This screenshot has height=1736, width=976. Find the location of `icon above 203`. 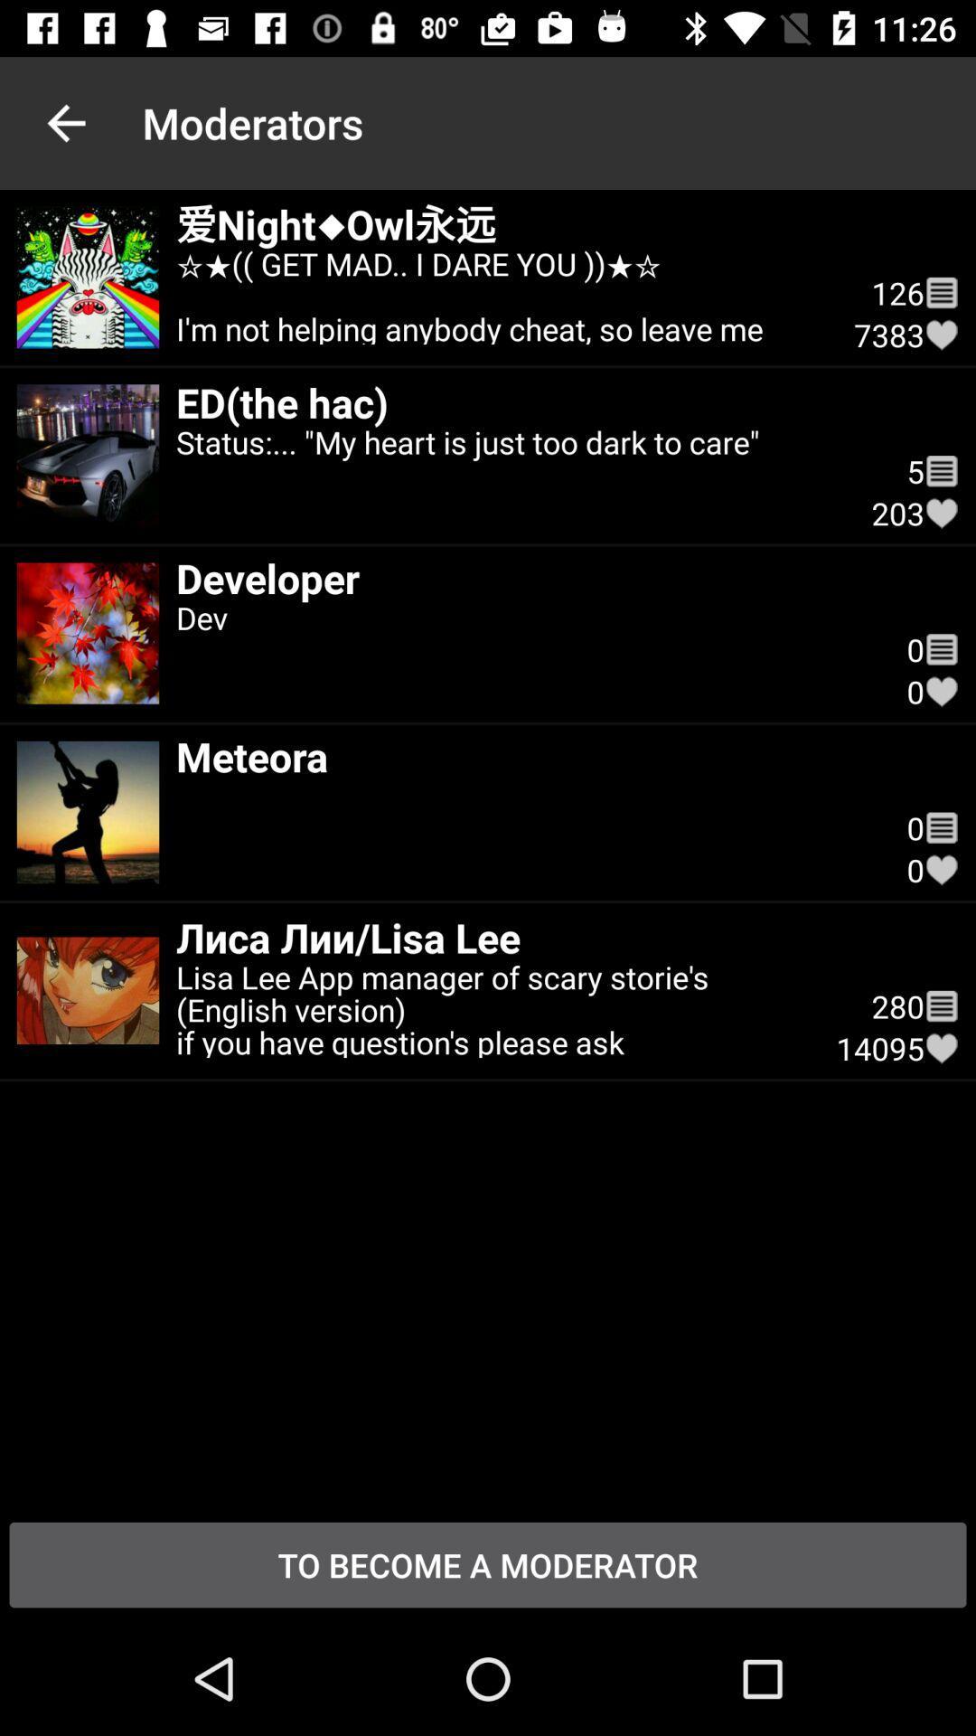

icon above 203 is located at coordinates (941, 471).